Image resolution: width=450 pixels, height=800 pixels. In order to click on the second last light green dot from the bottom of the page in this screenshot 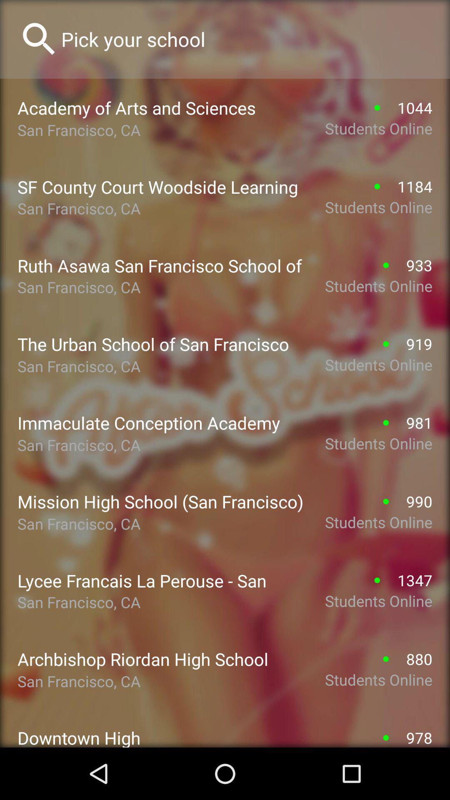, I will do `click(386, 659)`.